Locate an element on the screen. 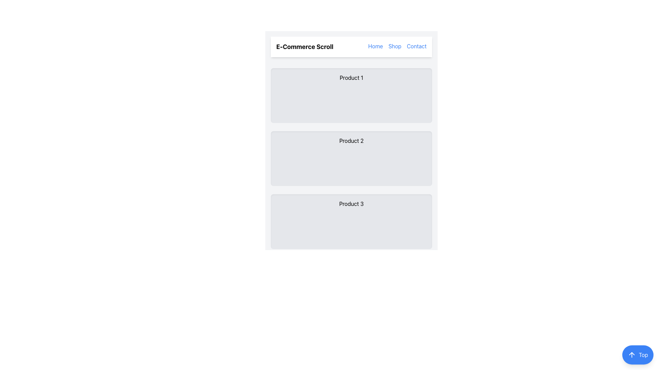  the 'Shop' hyperlink in the top-right corner navigation bar is located at coordinates (395, 46).